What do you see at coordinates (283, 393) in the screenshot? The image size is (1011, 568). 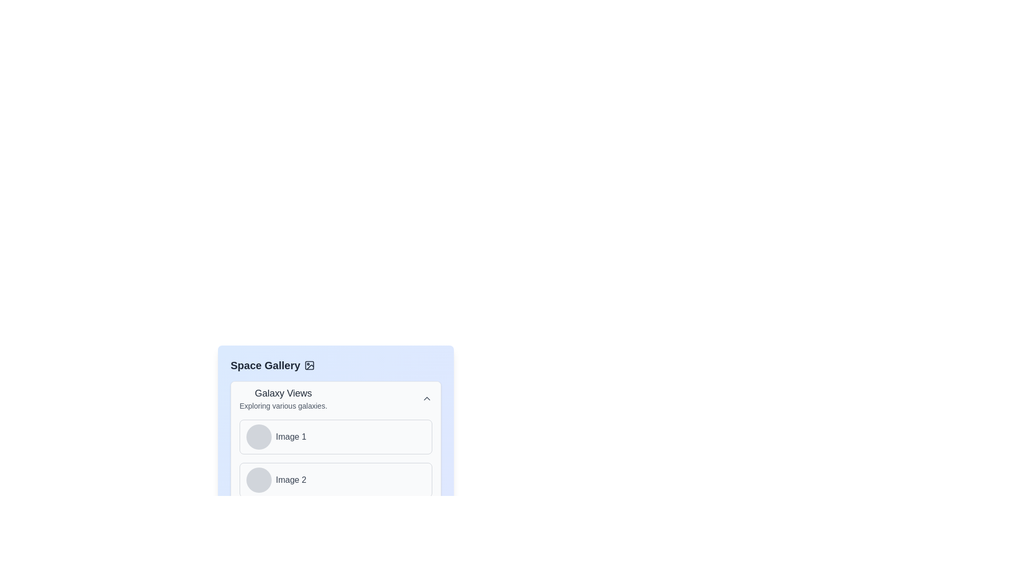 I see `the 'Galaxy Views' text label, which serves as the heading in the 'Space Gallery' section` at bounding box center [283, 393].